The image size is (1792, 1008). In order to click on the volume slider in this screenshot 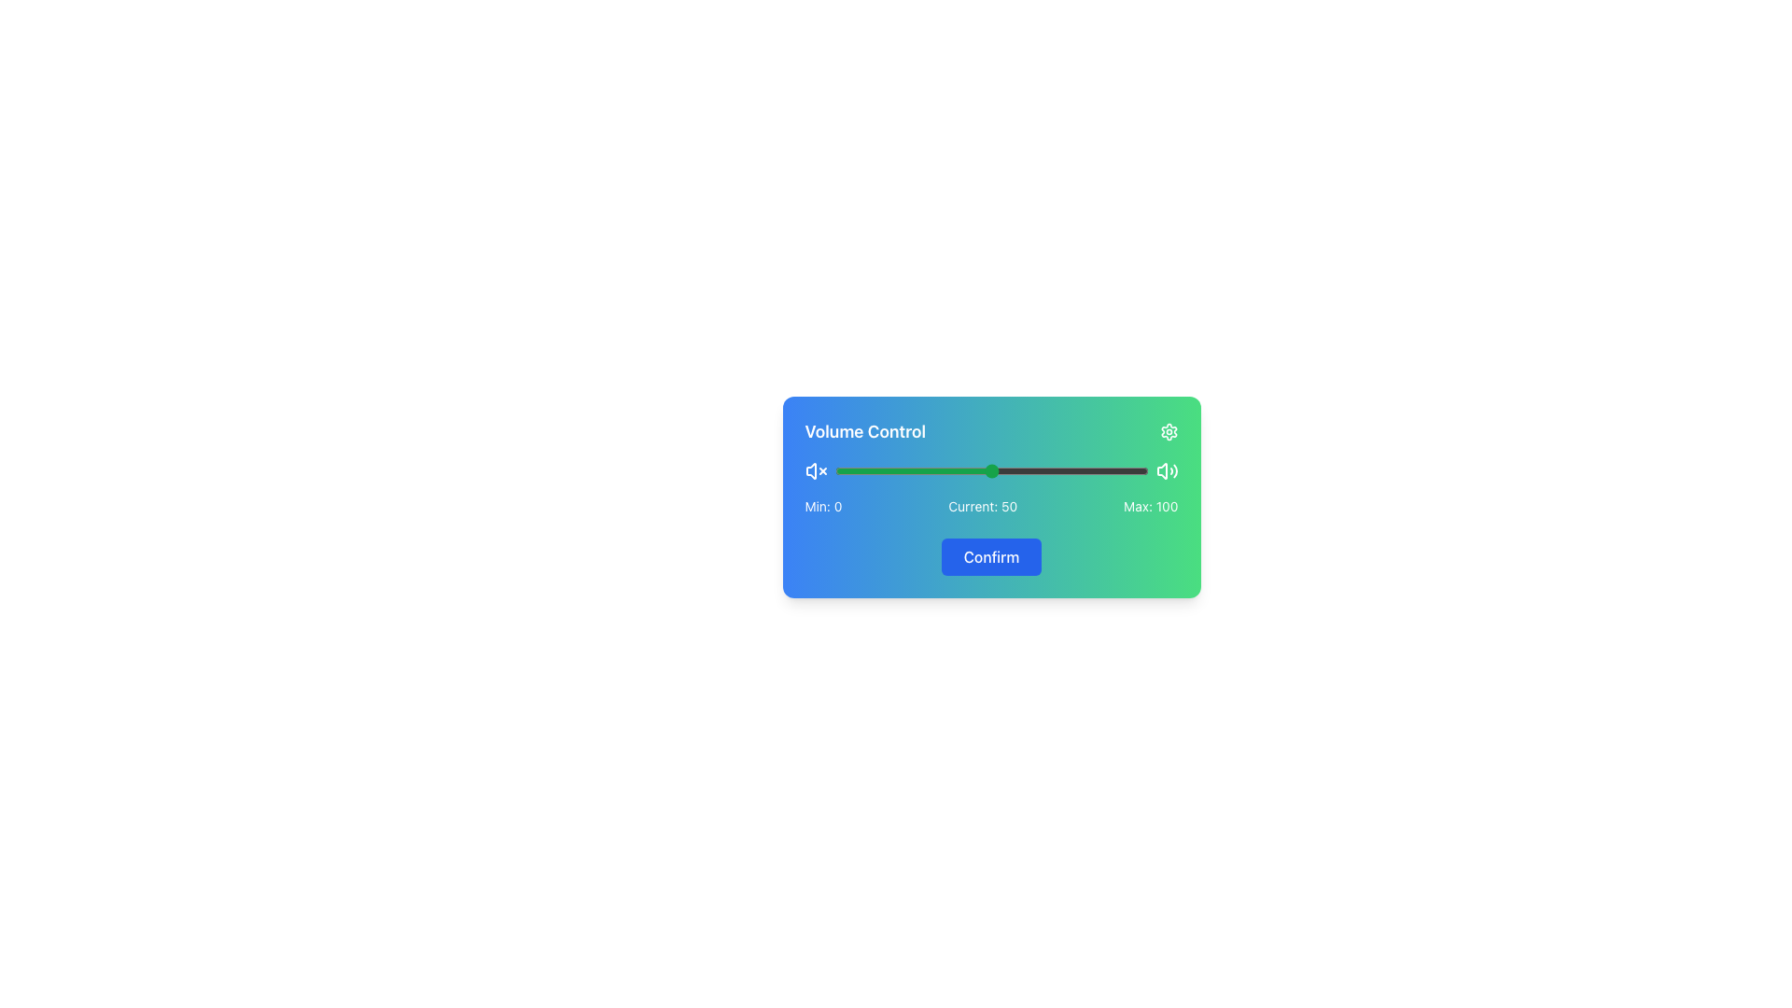, I will do `click(978, 470)`.